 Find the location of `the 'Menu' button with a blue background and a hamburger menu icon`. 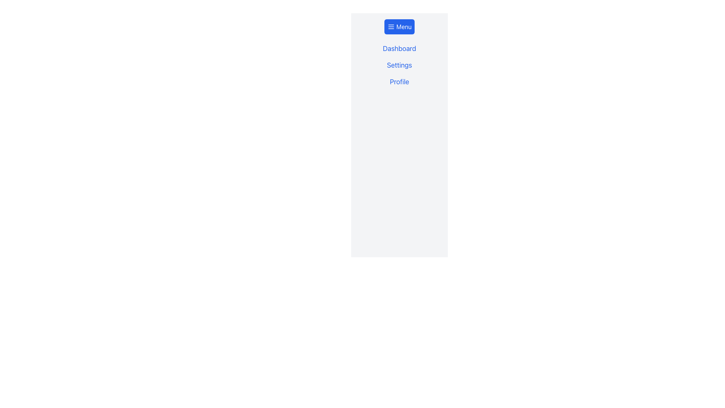

the 'Menu' button with a blue background and a hamburger menu icon is located at coordinates (399, 26).